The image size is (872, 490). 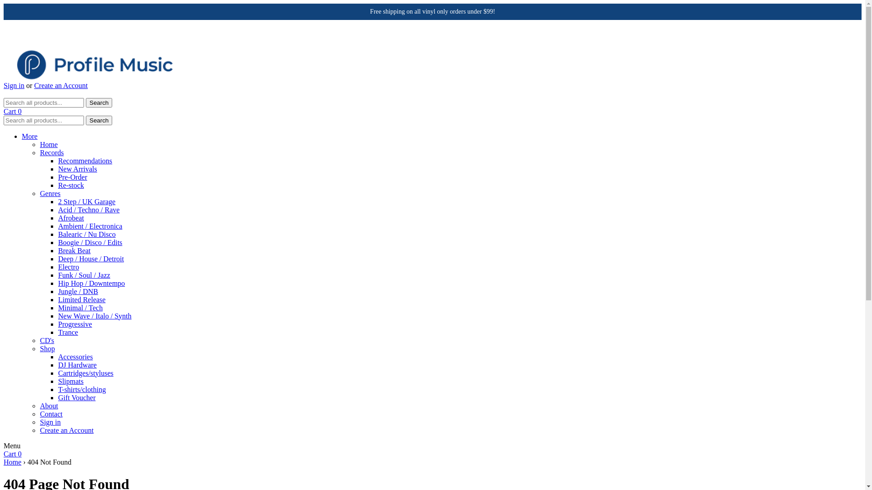 I want to click on 'Home', so click(x=48, y=144).